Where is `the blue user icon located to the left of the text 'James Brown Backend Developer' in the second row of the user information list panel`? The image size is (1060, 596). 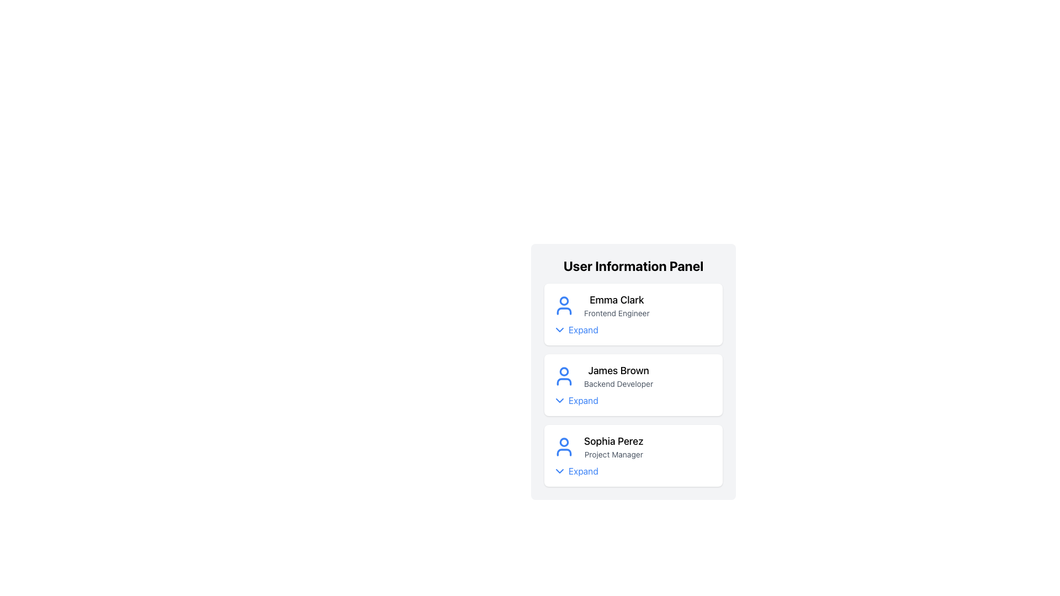 the blue user icon located to the left of the text 'James Brown Backend Developer' in the second row of the user information list panel is located at coordinates (564, 376).